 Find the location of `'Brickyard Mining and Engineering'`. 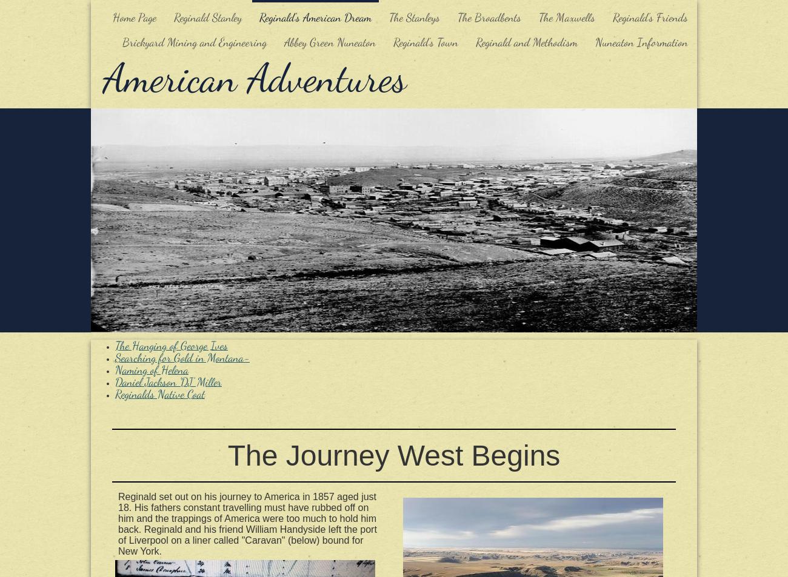

'Brickyard Mining and Engineering' is located at coordinates (194, 42).